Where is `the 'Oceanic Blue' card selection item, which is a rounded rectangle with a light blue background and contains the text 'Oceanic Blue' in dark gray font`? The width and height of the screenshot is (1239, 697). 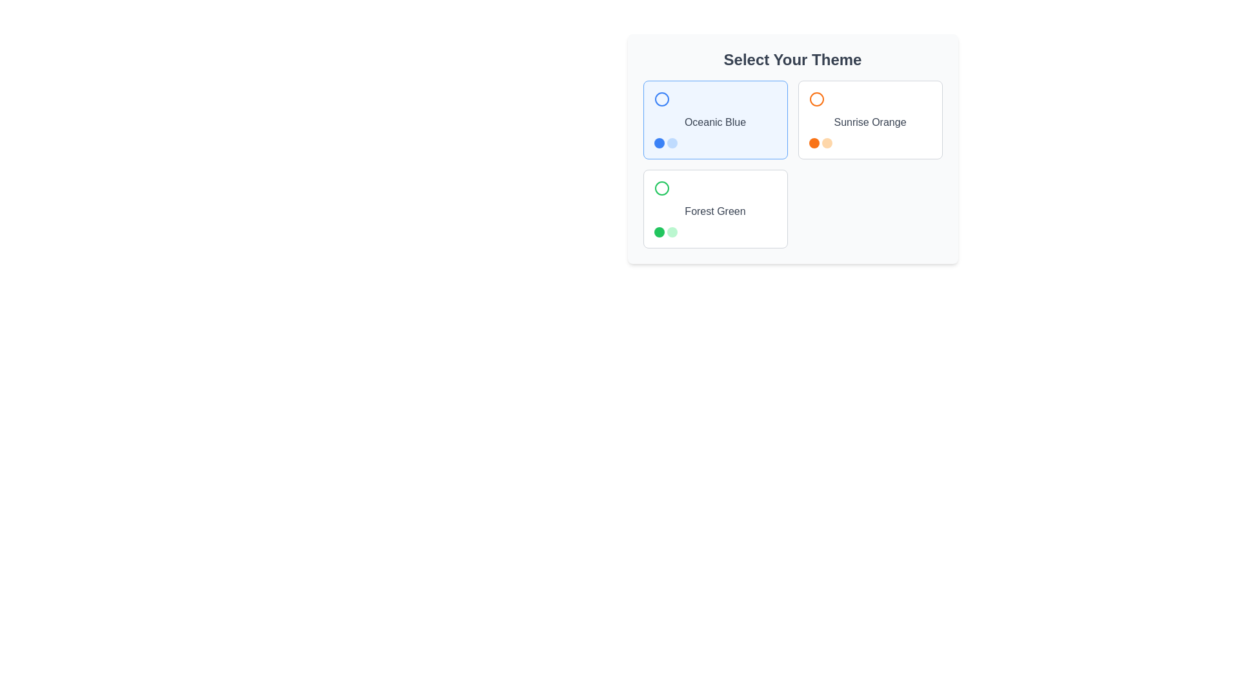 the 'Oceanic Blue' card selection item, which is a rounded rectangle with a light blue background and contains the text 'Oceanic Blue' in dark gray font is located at coordinates (714, 119).